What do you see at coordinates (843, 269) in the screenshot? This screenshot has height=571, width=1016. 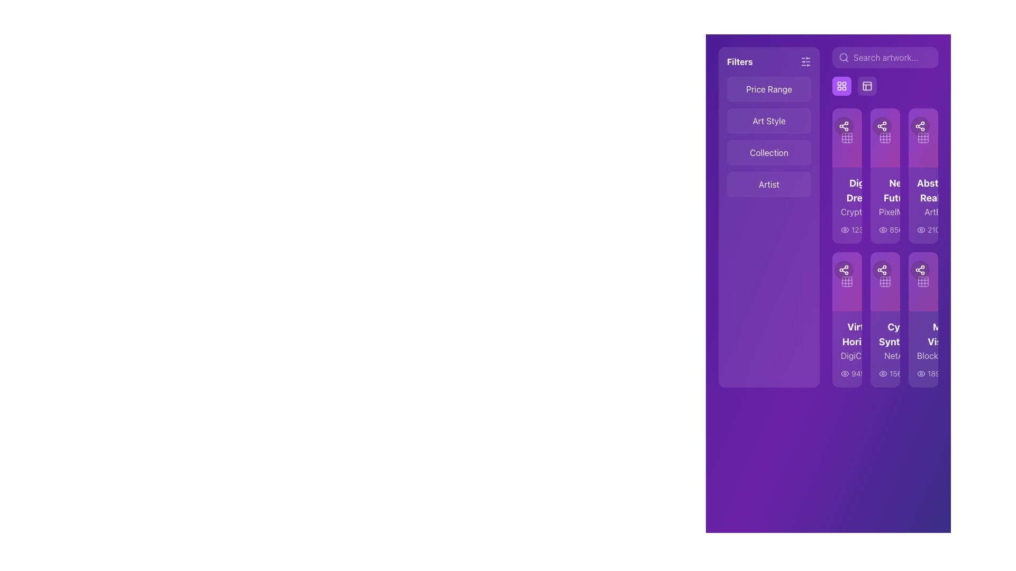 I see `the share icon button located in the second row, first column of the grid layout, below the header` at bounding box center [843, 269].